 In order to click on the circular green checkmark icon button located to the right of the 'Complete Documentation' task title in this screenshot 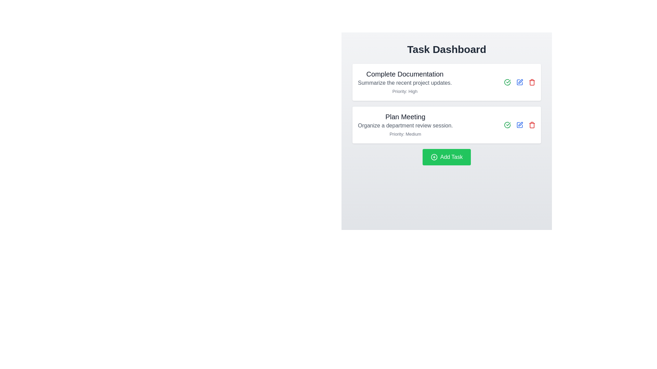, I will do `click(507, 125)`.